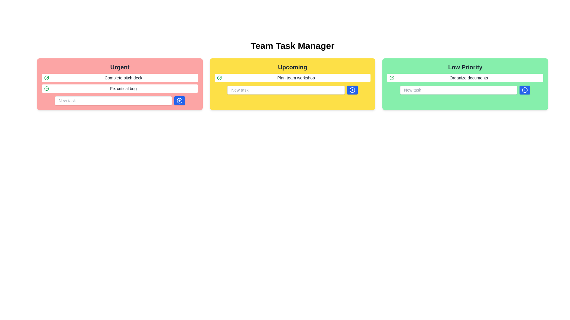 The width and height of the screenshot is (570, 320). Describe the element at coordinates (292, 45) in the screenshot. I see `the 'Team Task Manager' text label located at the top of the interface, which is styled in bold and large font size` at that location.